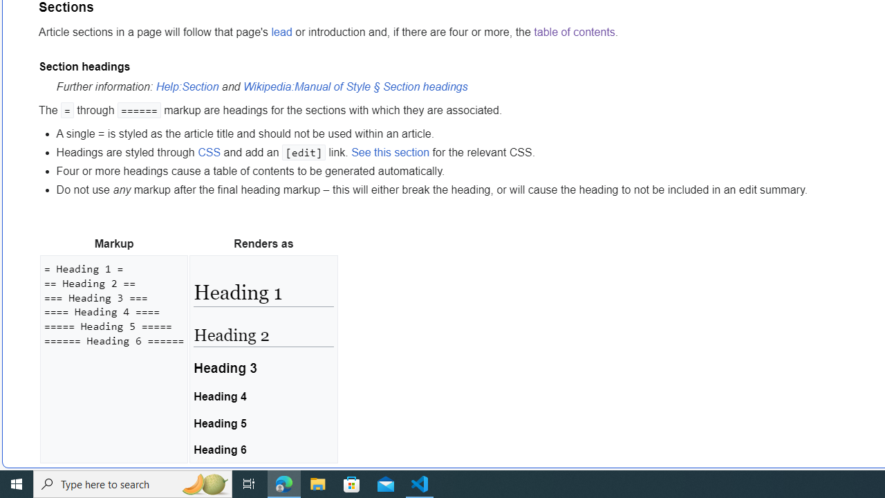  What do you see at coordinates (263, 243) in the screenshot?
I see `'Renders as'` at bounding box center [263, 243].